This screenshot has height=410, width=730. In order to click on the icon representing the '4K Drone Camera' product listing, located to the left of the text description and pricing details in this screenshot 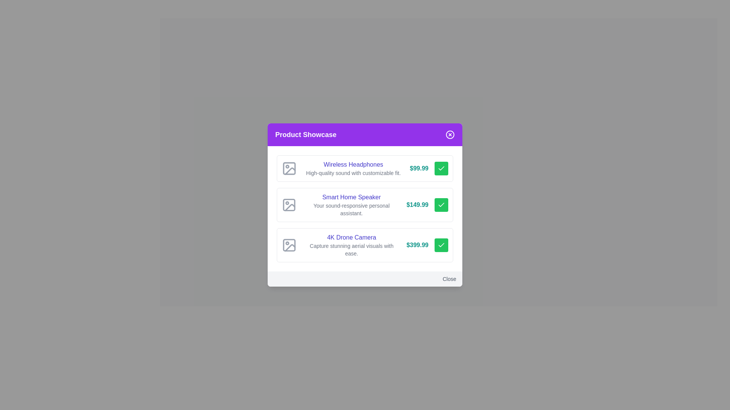, I will do `click(289, 245)`.